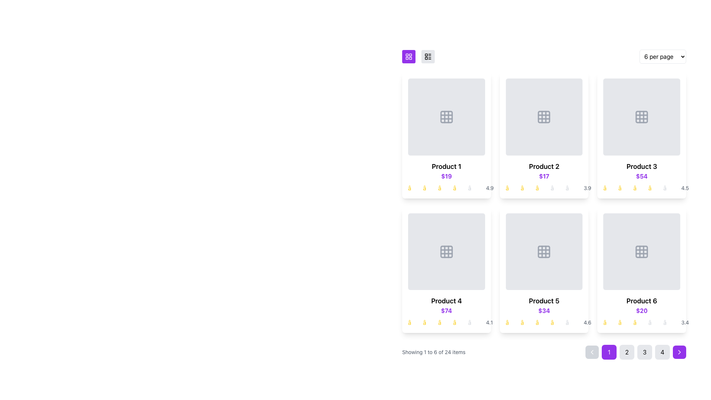  What do you see at coordinates (446, 251) in the screenshot?
I see `the central decorative shape of the grid icon for 'Product 4' located in the product preview area` at bounding box center [446, 251].